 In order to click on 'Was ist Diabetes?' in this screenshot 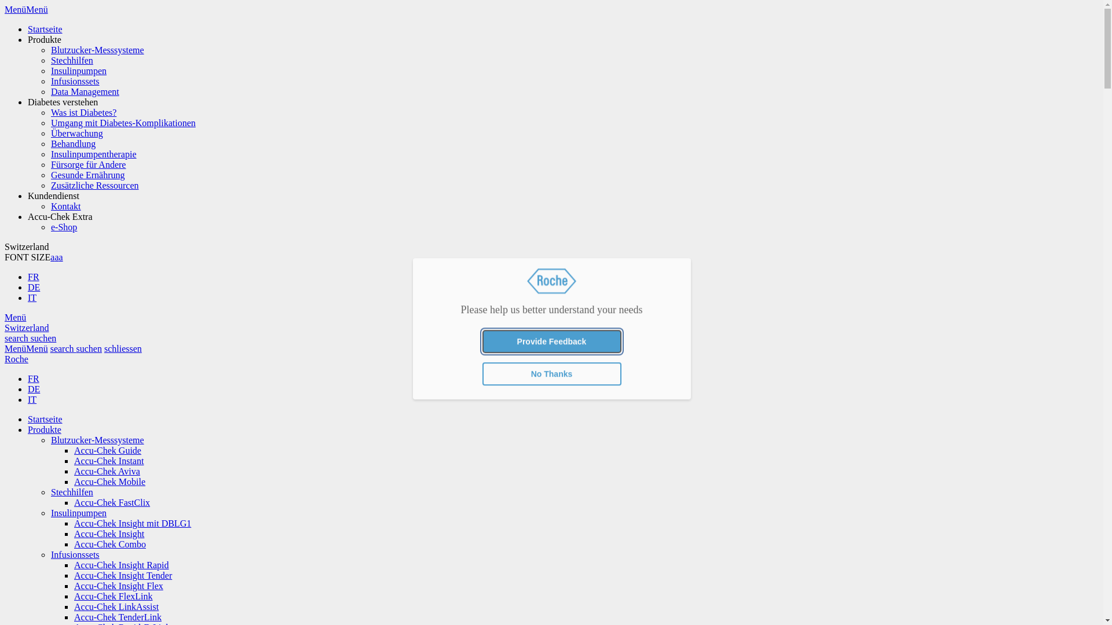, I will do `click(83, 112)`.